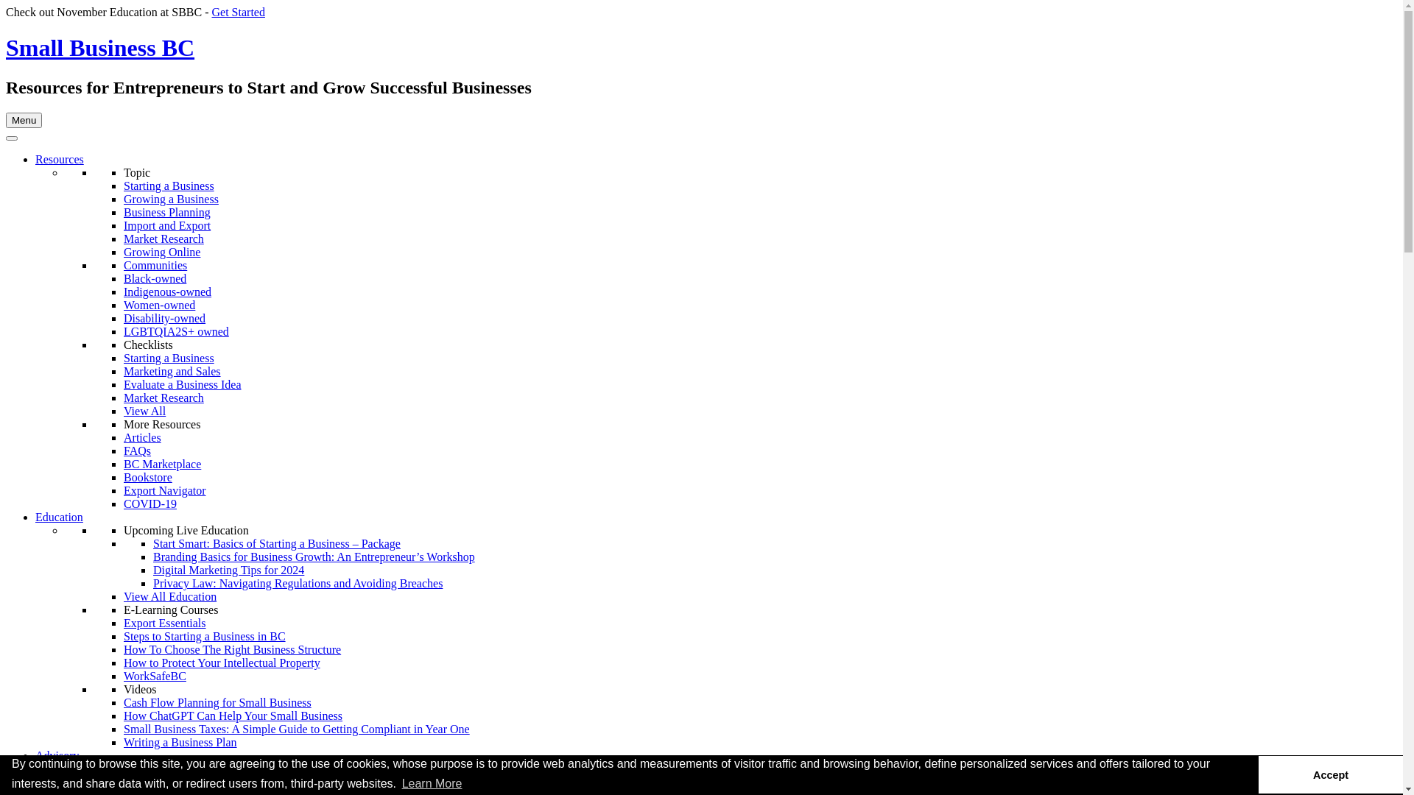 Image resolution: width=1414 pixels, height=795 pixels. Describe the element at coordinates (221, 662) in the screenshot. I see `'How to Protect Your Intellectual Property'` at that location.